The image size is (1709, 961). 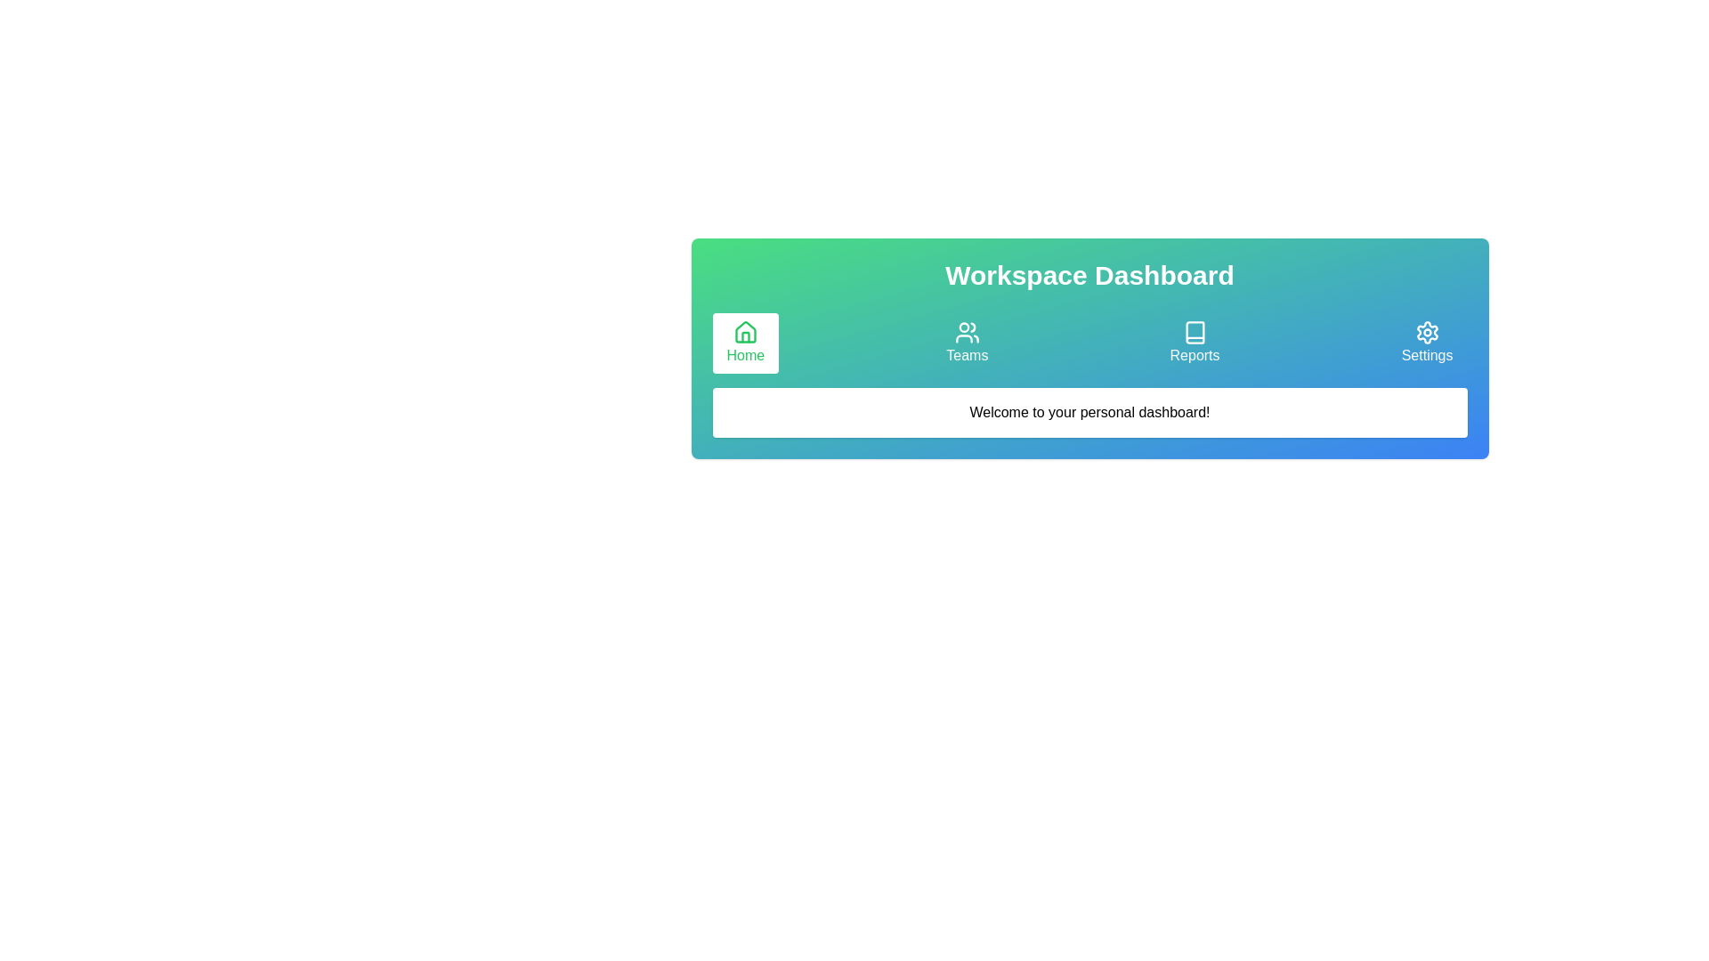 What do you see at coordinates (1427, 333) in the screenshot?
I see `the gear icon in the top-right corner of the header bar` at bounding box center [1427, 333].